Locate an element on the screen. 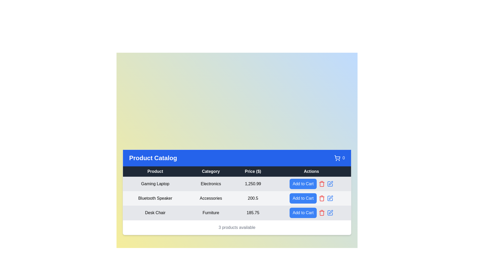 Image resolution: width=496 pixels, height=279 pixels. the Trash/Delete icon in the Actions column of the table to initiate the delete action for the 'Desk Chair' product is located at coordinates (321, 184).